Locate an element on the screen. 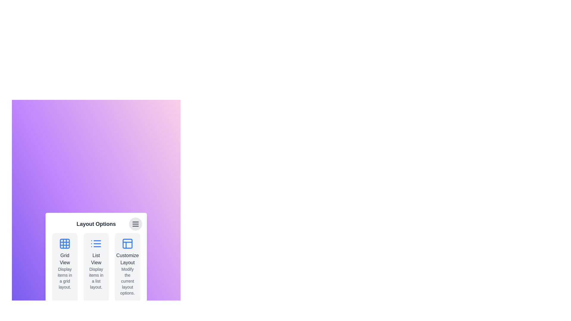  menu button in the top-right corner to toggle the menu visibility is located at coordinates (135, 224).